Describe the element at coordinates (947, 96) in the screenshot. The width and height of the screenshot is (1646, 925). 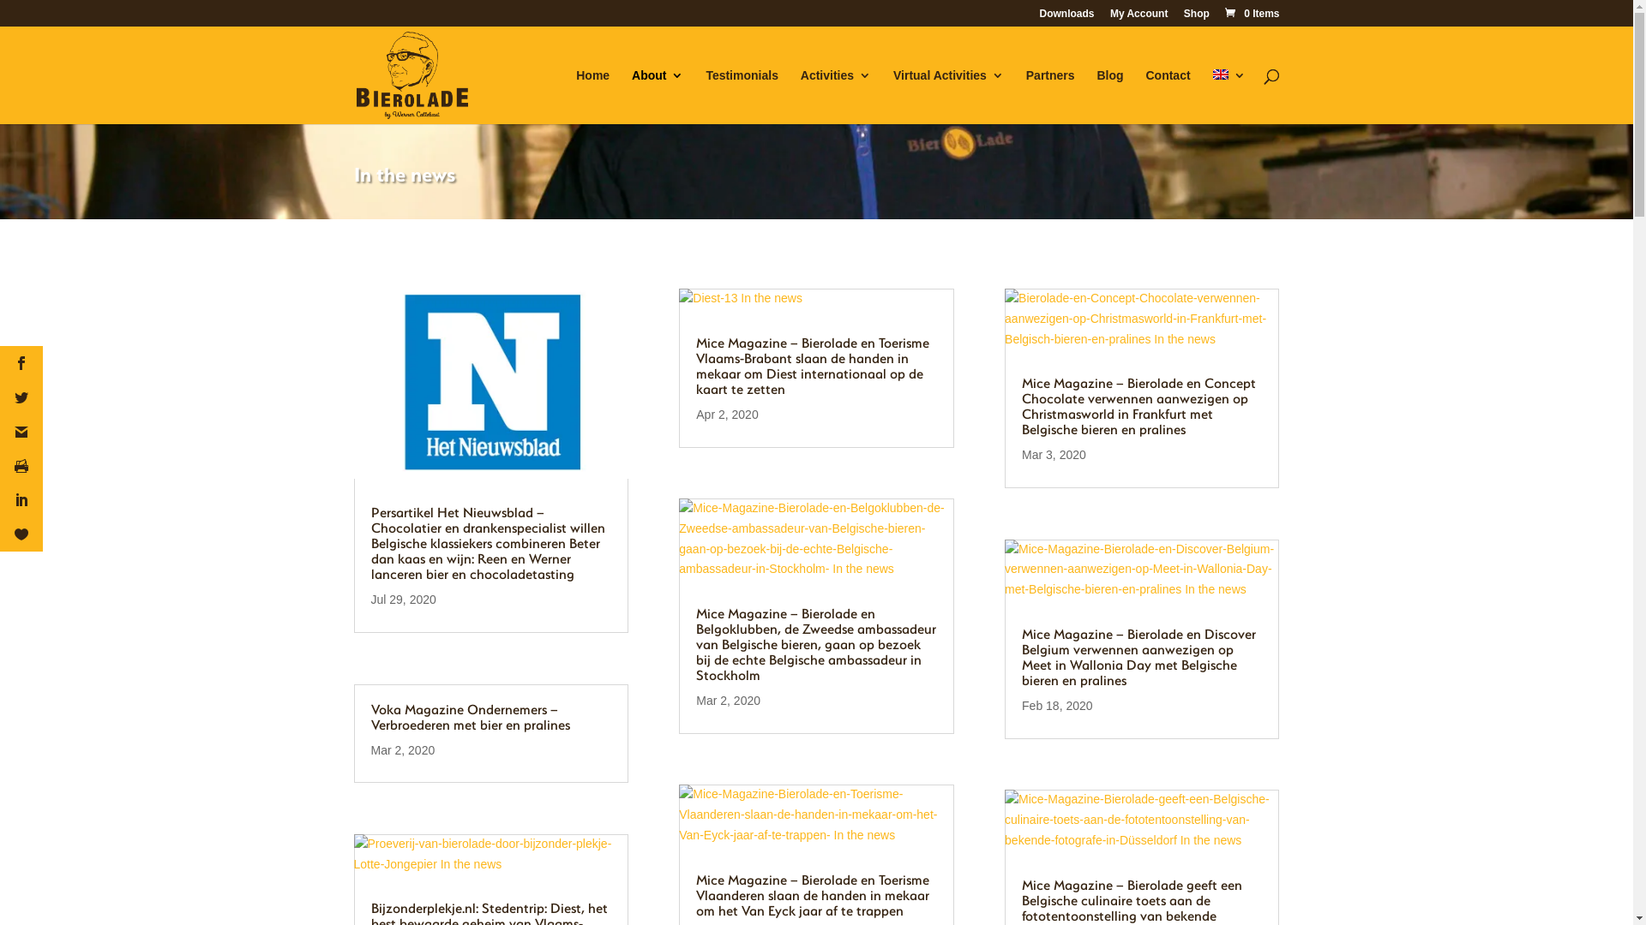
I see `'Virtual Activities'` at that location.